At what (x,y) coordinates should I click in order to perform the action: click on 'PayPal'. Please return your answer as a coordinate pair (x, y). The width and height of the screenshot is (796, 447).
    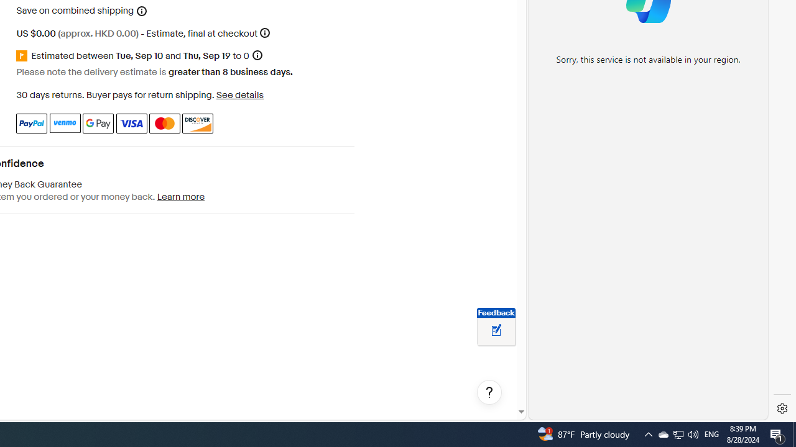
    Looking at the image, I should click on (32, 123).